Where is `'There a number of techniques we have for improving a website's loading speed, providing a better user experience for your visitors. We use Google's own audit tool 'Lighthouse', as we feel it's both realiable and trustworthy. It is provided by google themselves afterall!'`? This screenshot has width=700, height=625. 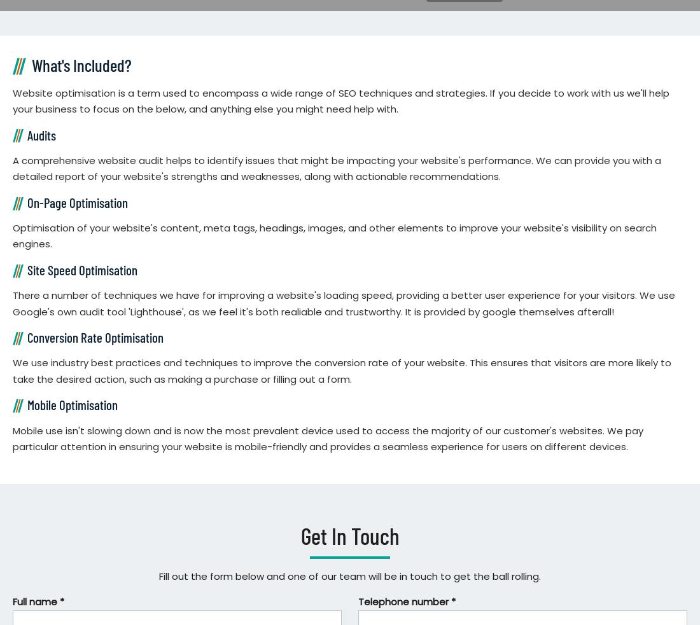 'There a number of techniques we have for improving a website's loading speed, providing a better user experience for your visitors. We use Google's own audit tool 'Lighthouse', as we feel it's both realiable and trustworthy. It is provided by google themselves afterall!' is located at coordinates (344, 302).